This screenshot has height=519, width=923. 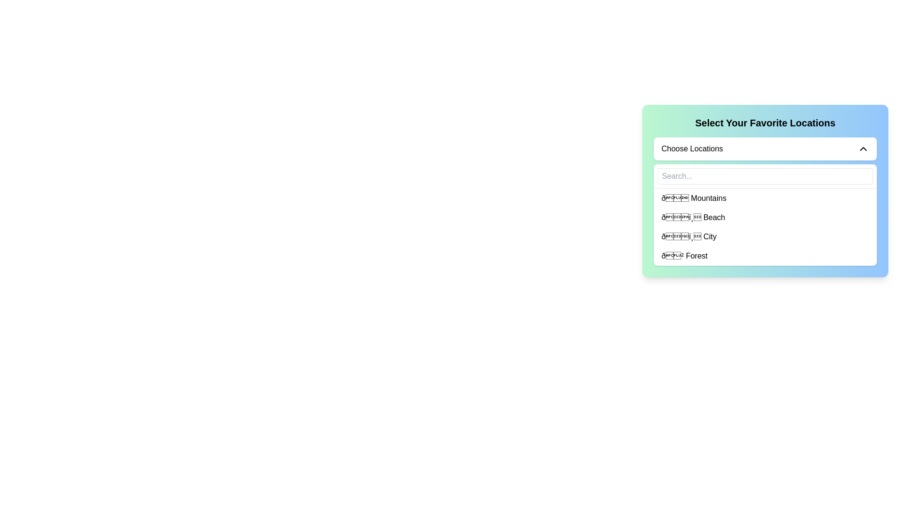 I want to click on the items in the 'Choose Locations' dropdown menu, so click(x=765, y=201).